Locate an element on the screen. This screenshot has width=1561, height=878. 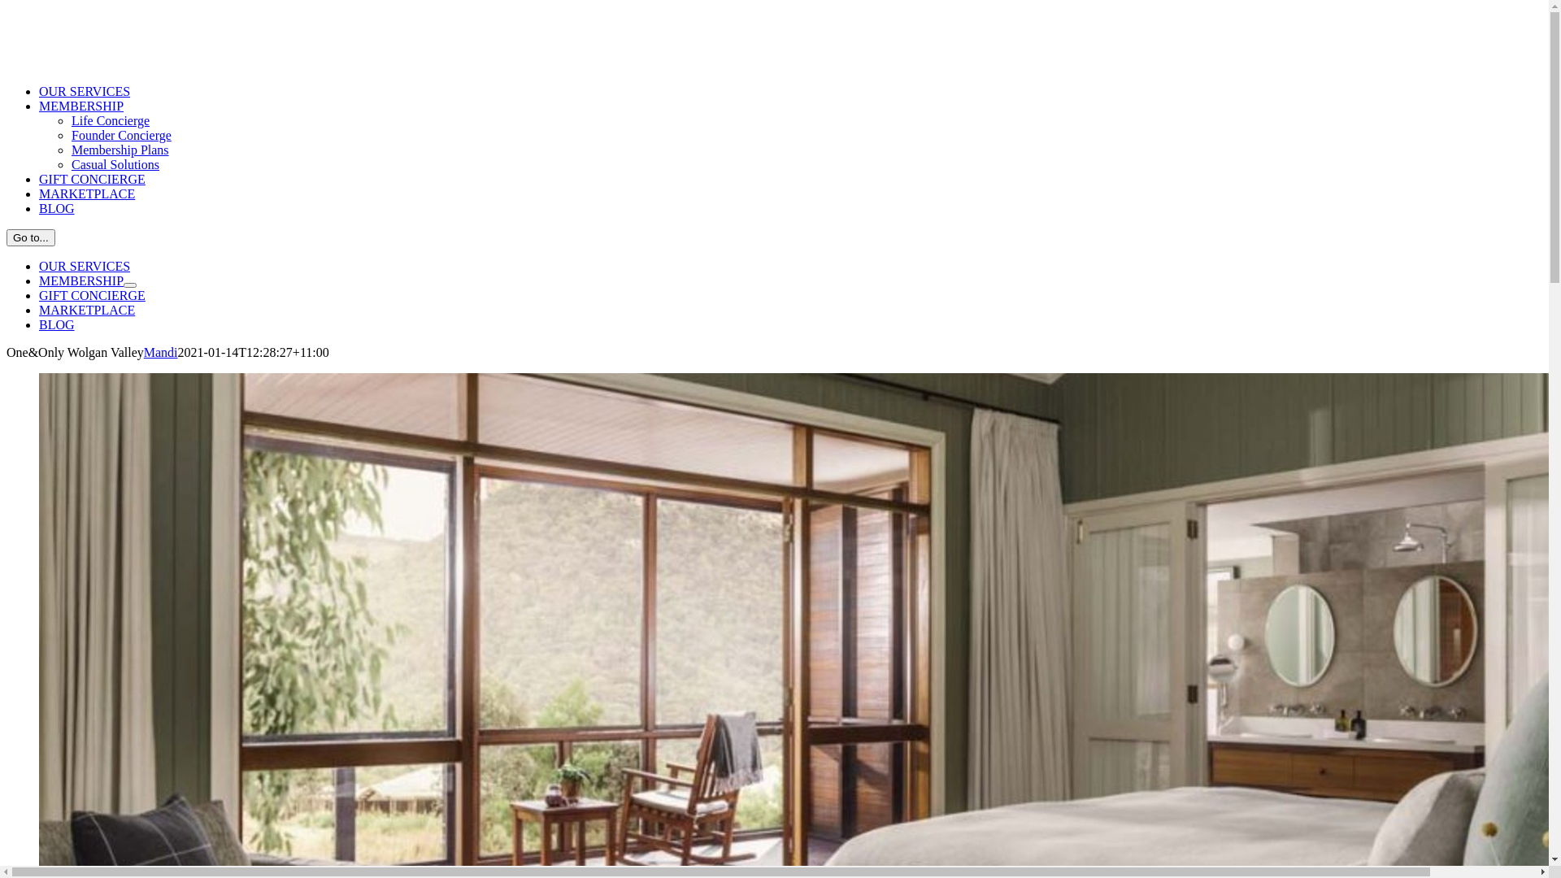
'OUR SERVICES' is located at coordinates (84, 91).